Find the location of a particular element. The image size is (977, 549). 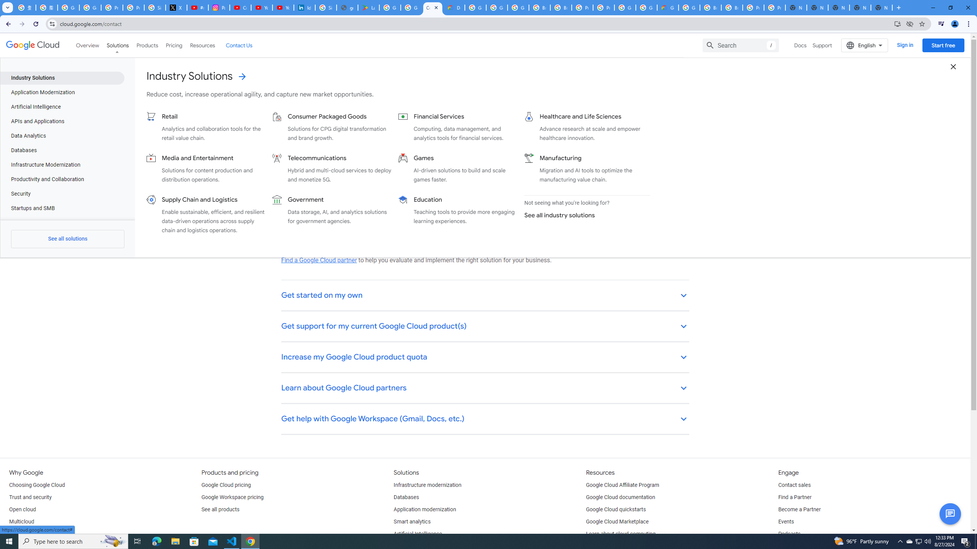

'Games AI-driven solutions to build and scale games faster.' is located at coordinates (458, 168).